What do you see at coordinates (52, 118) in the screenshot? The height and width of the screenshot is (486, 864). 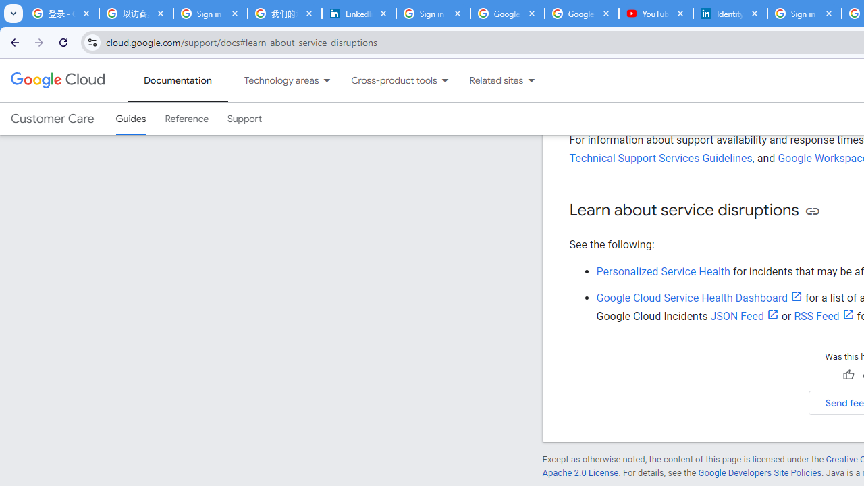 I see `'Customer Care'` at bounding box center [52, 118].